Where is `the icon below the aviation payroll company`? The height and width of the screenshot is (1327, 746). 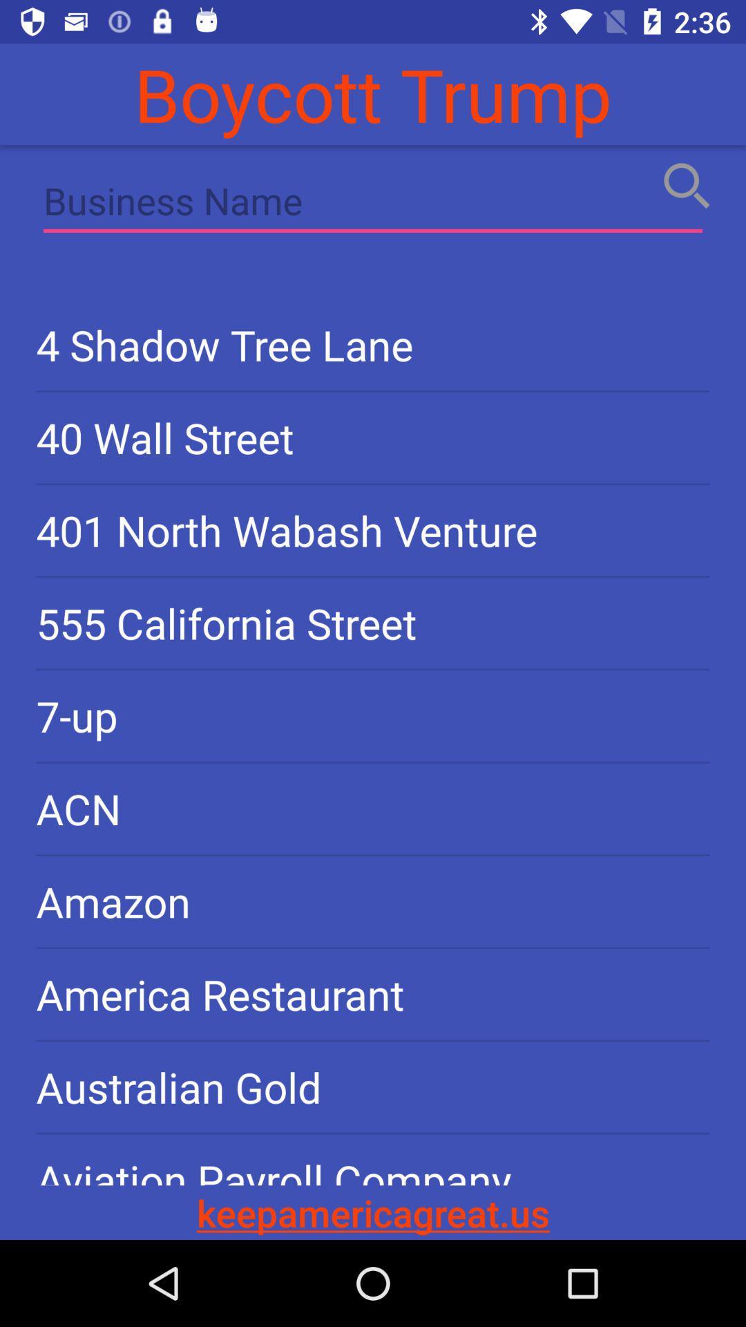
the icon below the aviation payroll company is located at coordinates (373, 1212).